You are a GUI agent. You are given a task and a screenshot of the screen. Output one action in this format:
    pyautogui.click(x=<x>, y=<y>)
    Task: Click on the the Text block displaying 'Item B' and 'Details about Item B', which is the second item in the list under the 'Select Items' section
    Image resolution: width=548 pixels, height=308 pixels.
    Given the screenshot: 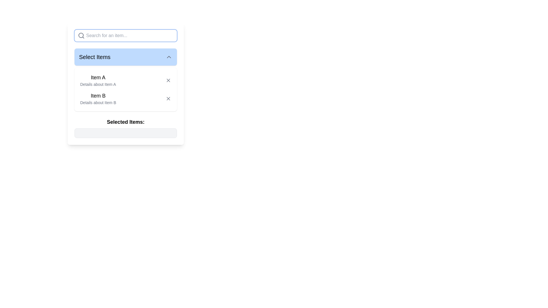 What is the action you would take?
    pyautogui.click(x=98, y=98)
    